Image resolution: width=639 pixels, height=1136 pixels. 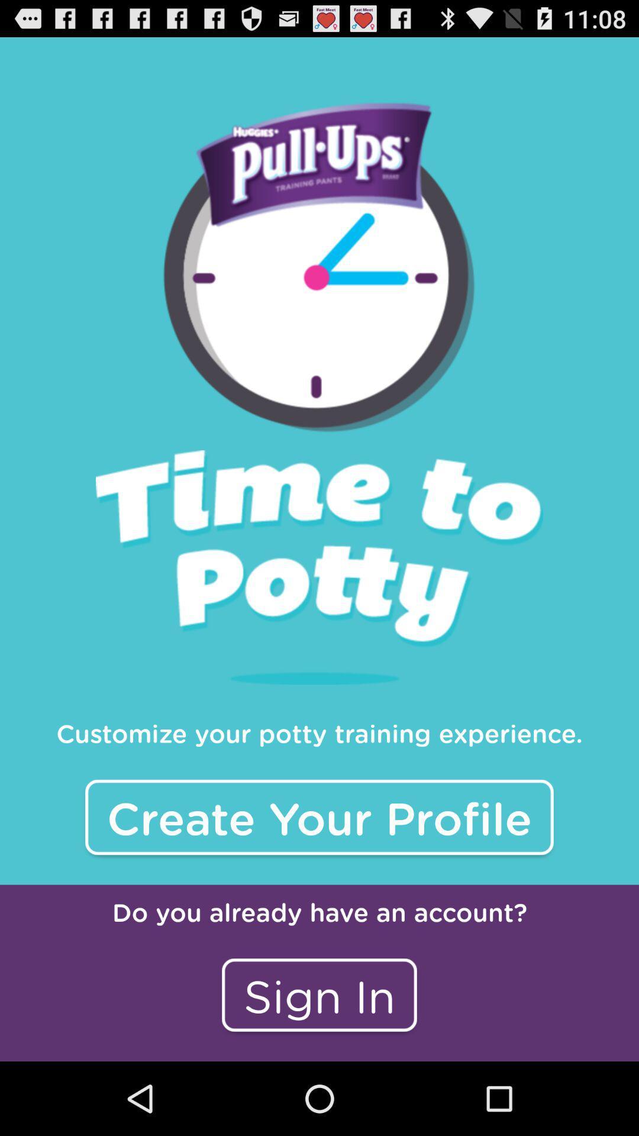 What do you see at coordinates (319, 994) in the screenshot?
I see `icon below do you already app` at bounding box center [319, 994].